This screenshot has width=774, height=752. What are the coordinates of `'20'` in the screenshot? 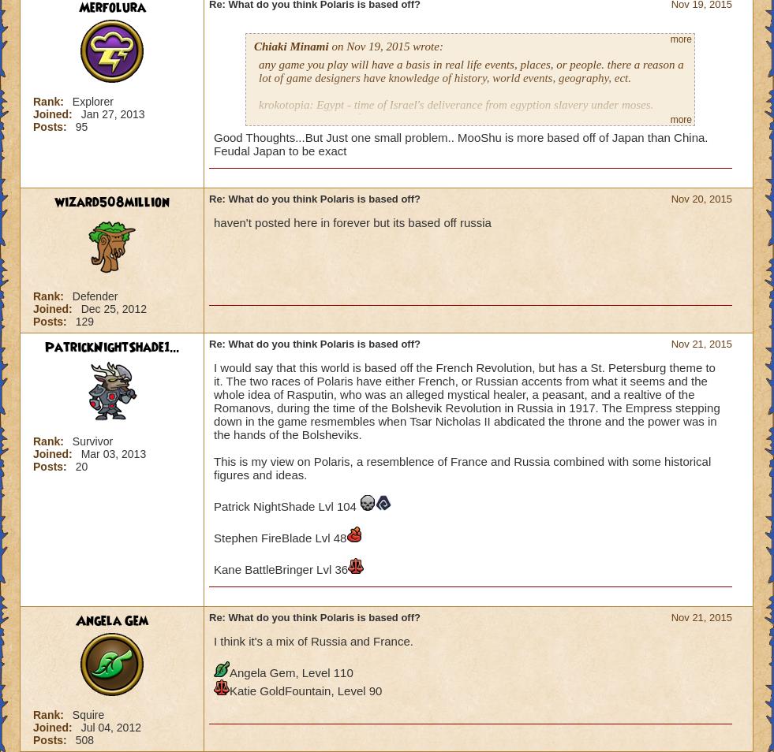 It's located at (80, 465).